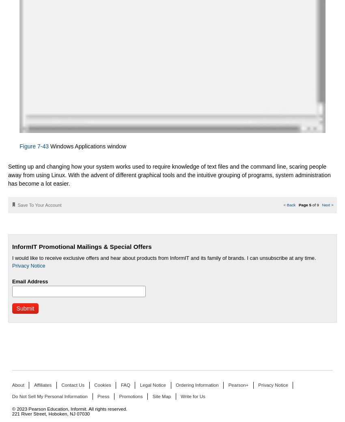 The width and height of the screenshot is (345, 422). I want to click on 'Informit', so click(69, 409).